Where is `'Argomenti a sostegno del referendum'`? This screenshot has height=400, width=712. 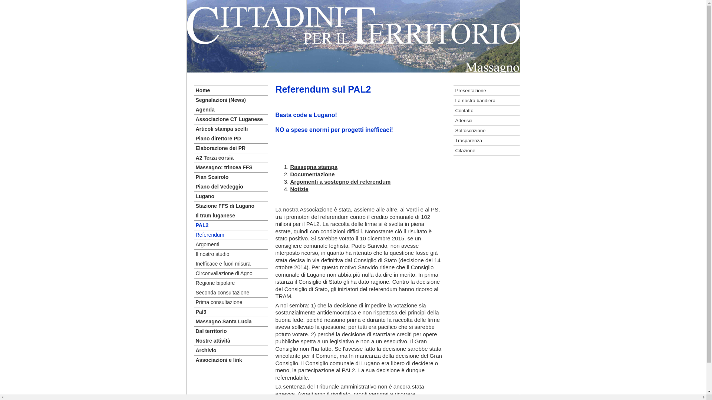
'Argomenti a sostegno del referendum' is located at coordinates (340, 181).